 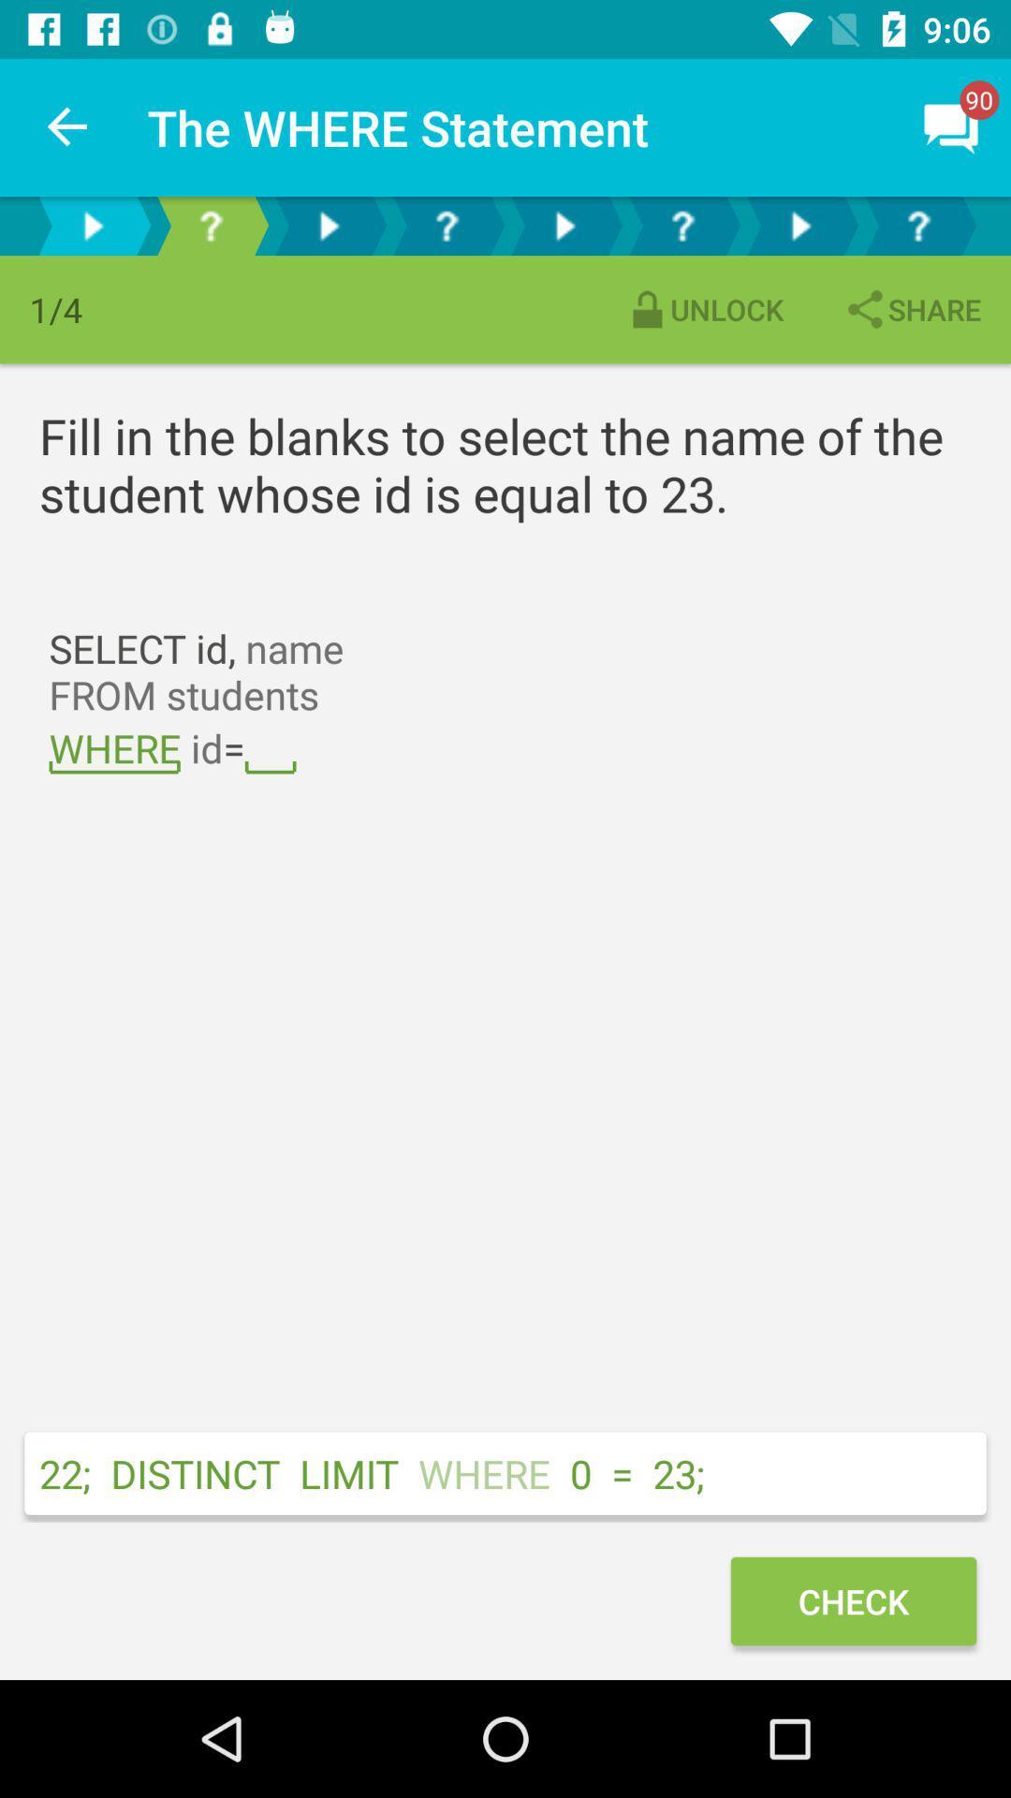 What do you see at coordinates (911, 309) in the screenshot?
I see `the item next to the unlock item` at bounding box center [911, 309].